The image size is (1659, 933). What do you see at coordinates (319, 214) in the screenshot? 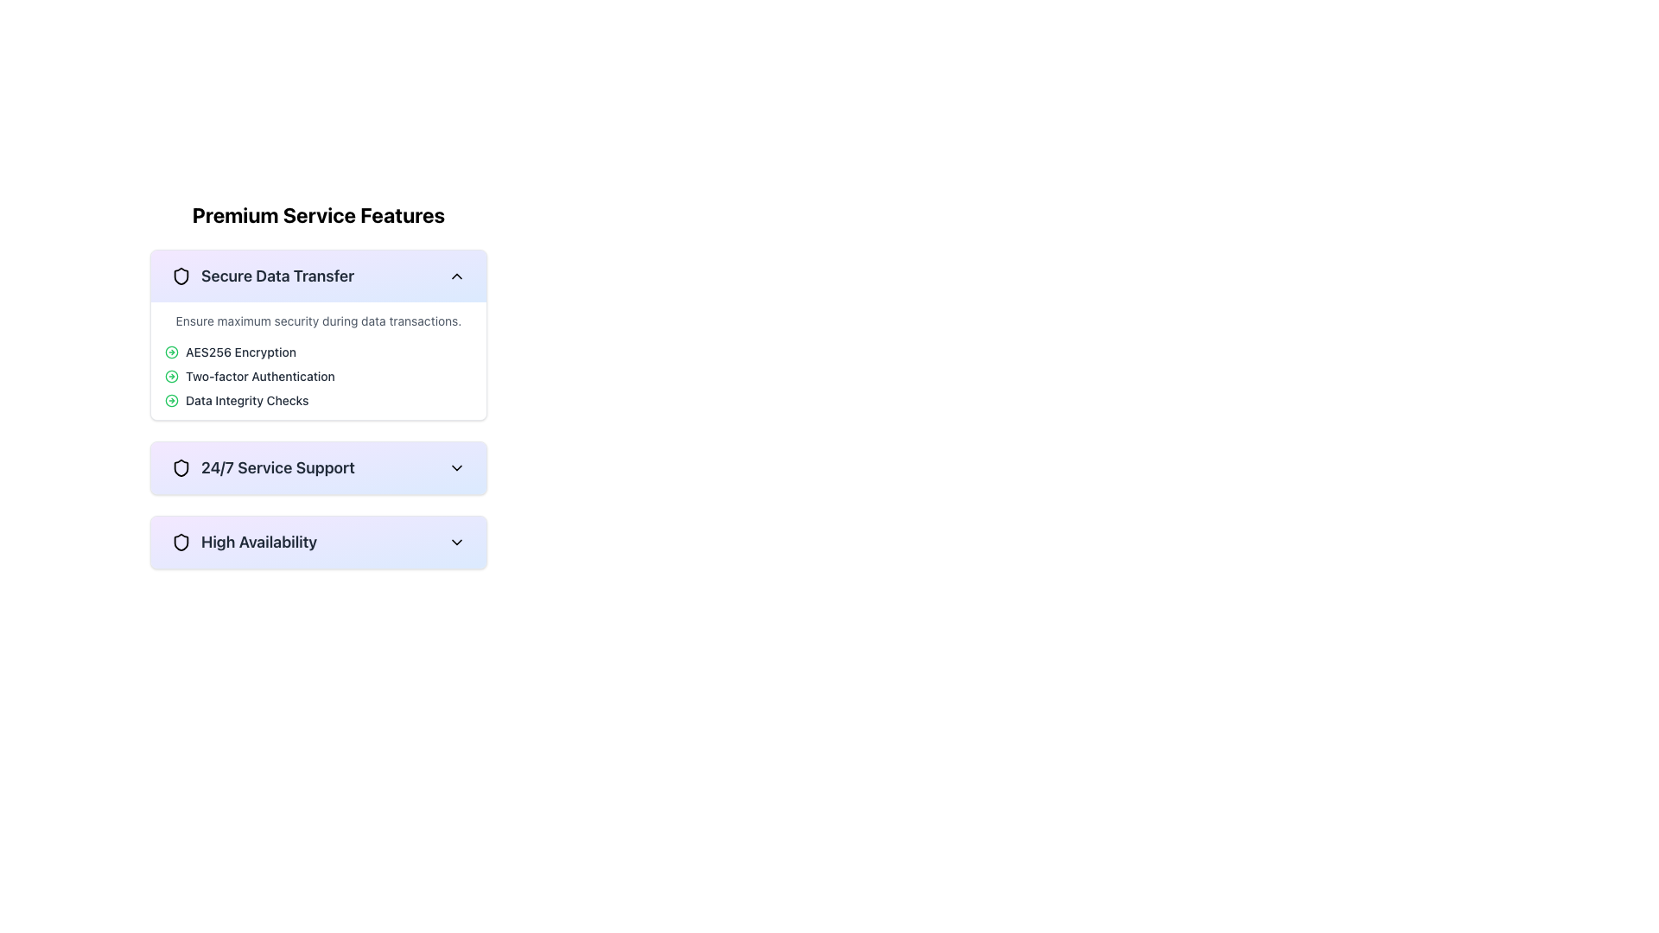
I see `the text label that reads 'Premium Service Features', which is displayed in bold, large font size and centered alignment, positioned above the first service card labeled 'Secure Data Transfer'` at bounding box center [319, 214].